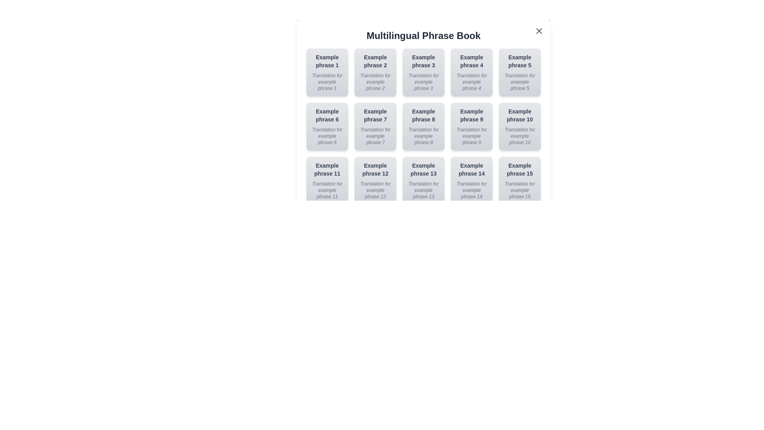 Image resolution: width=764 pixels, height=430 pixels. What do you see at coordinates (539, 30) in the screenshot?
I see `the close button located at the top-right corner of the guide` at bounding box center [539, 30].